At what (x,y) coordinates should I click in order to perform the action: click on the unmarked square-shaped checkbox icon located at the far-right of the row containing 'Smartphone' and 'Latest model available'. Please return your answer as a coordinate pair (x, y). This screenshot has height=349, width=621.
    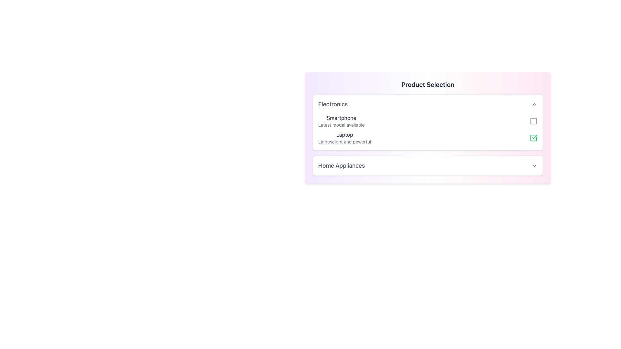
    Looking at the image, I should click on (534, 121).